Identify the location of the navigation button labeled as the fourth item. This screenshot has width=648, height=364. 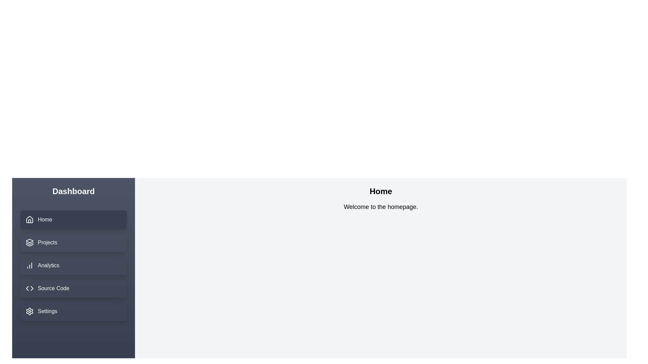
(74, 288).